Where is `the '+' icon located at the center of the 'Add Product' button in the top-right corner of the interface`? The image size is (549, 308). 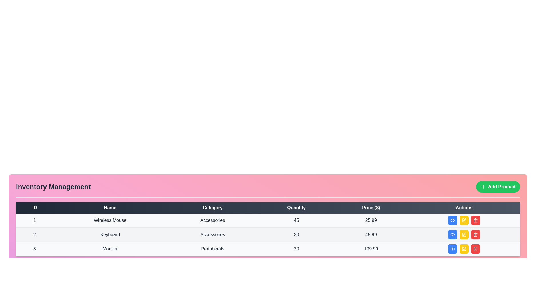 the '+' icon located at the center of the 'Add Product' button in the top-right corner of the interface is located at coordinates (483, 187).